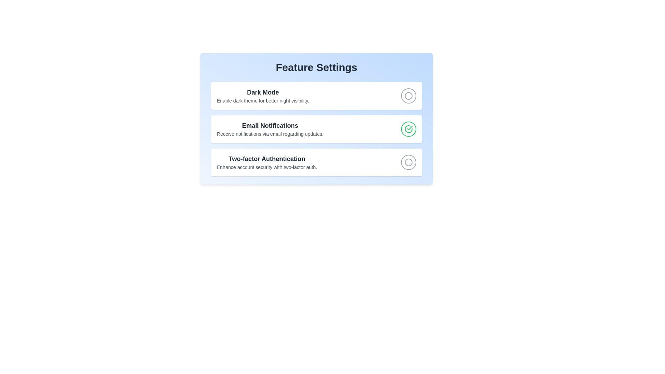 Image resolution: width=665 pixels, height=374 pixels. I want to click on the circular SVG vector graphic icon with a checkmark design located at the far right of the 'Email Notifications' setting option, indicating completion or confirmation, so click(409, 129).